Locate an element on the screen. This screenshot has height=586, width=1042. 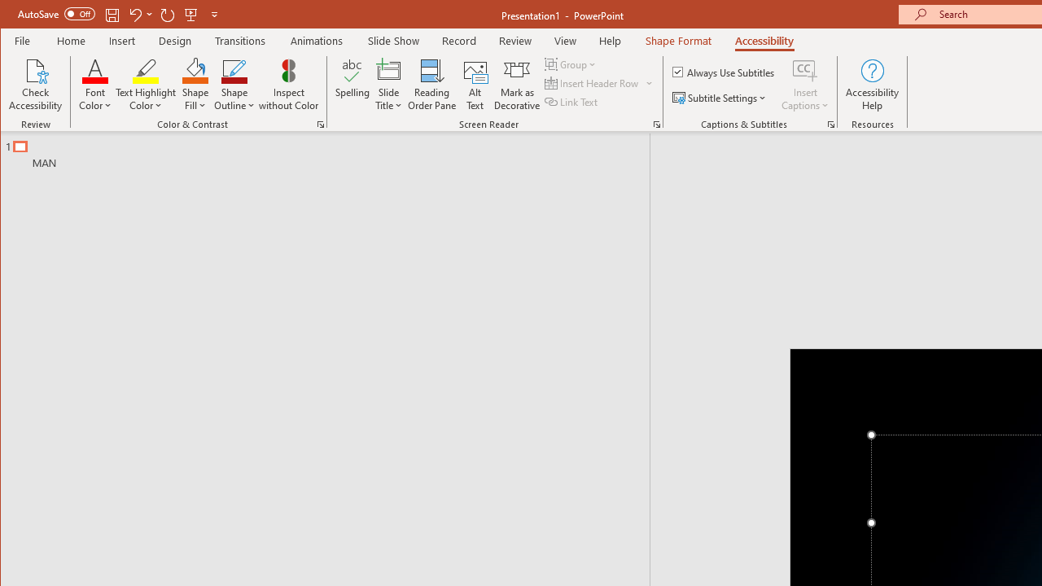
'Insert Captions' is located at coordinates (805, 85).